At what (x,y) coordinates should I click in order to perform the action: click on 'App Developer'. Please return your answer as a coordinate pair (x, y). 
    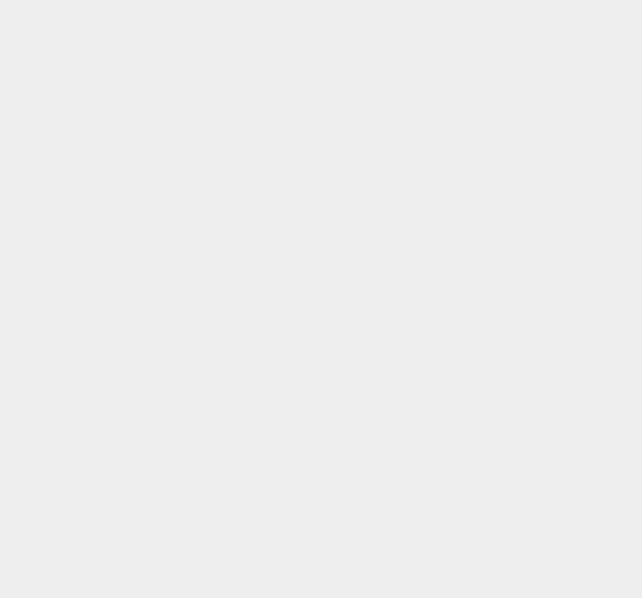
    Looking at the image, I should click on (478, 275).